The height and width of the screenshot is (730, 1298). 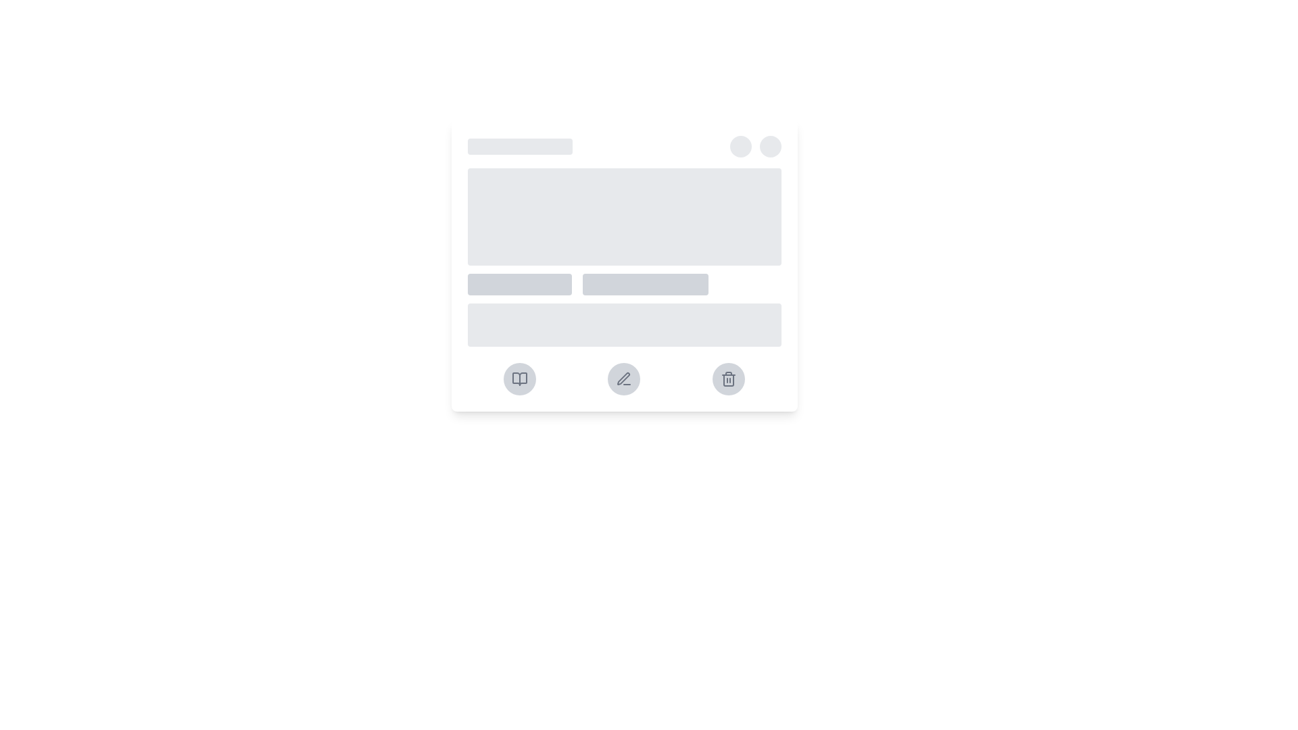 What do you see at coordinates (728, 379) in the screenshot?
I see `the SVG trashcan icon, which is the rightmost icon in a circular gray button located at the bottom-right corner of the interface` at bounding box center [728, 379].